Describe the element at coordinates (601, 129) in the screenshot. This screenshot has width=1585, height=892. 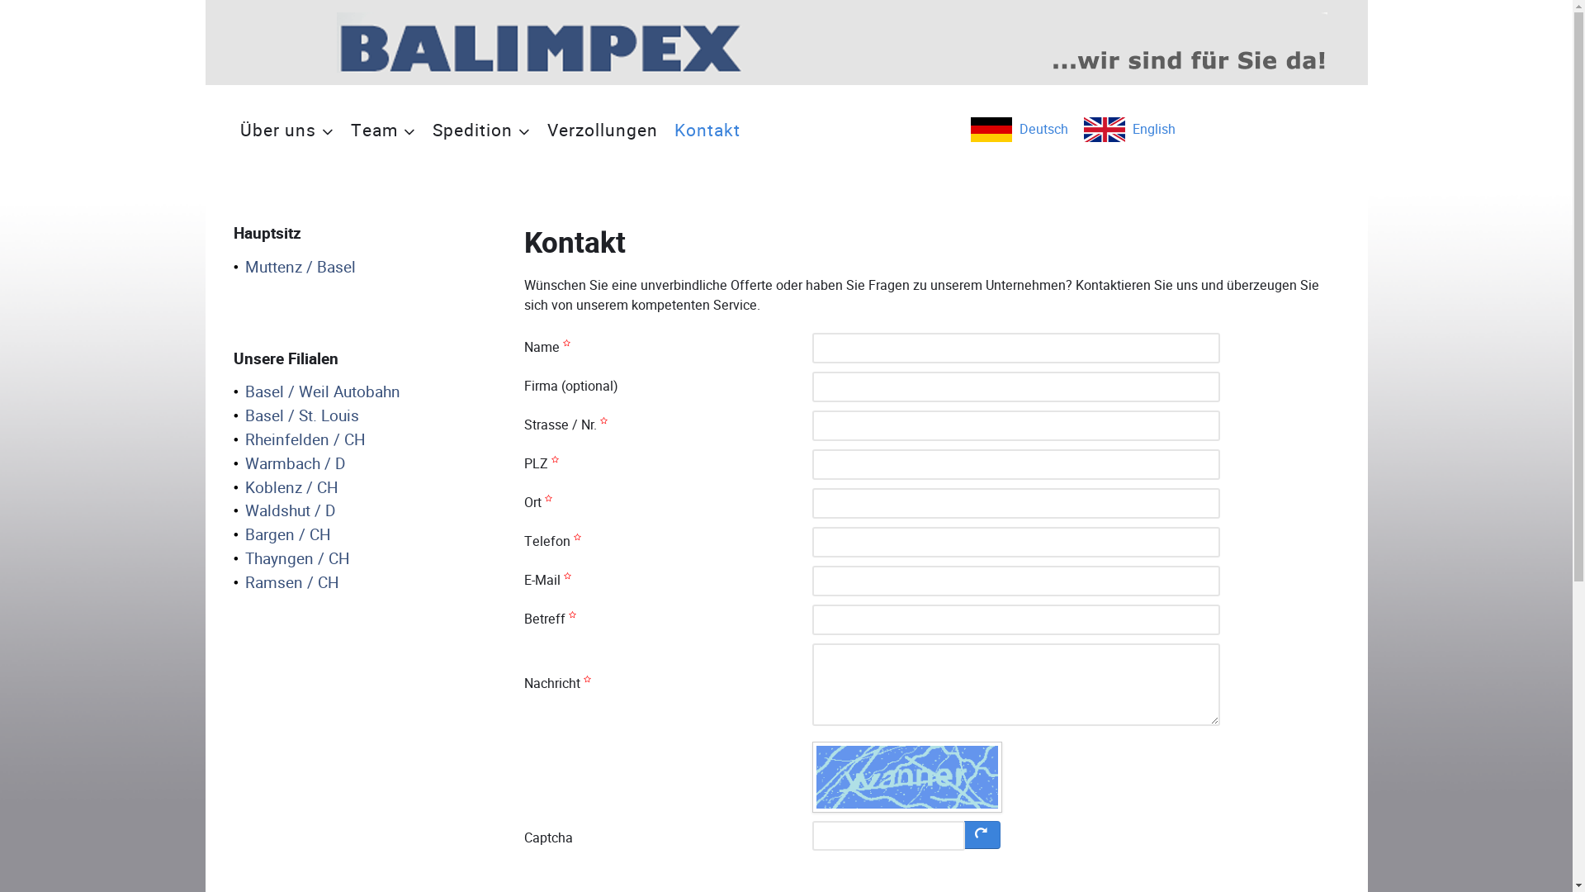
I see `'Verzollungen'` at that location.